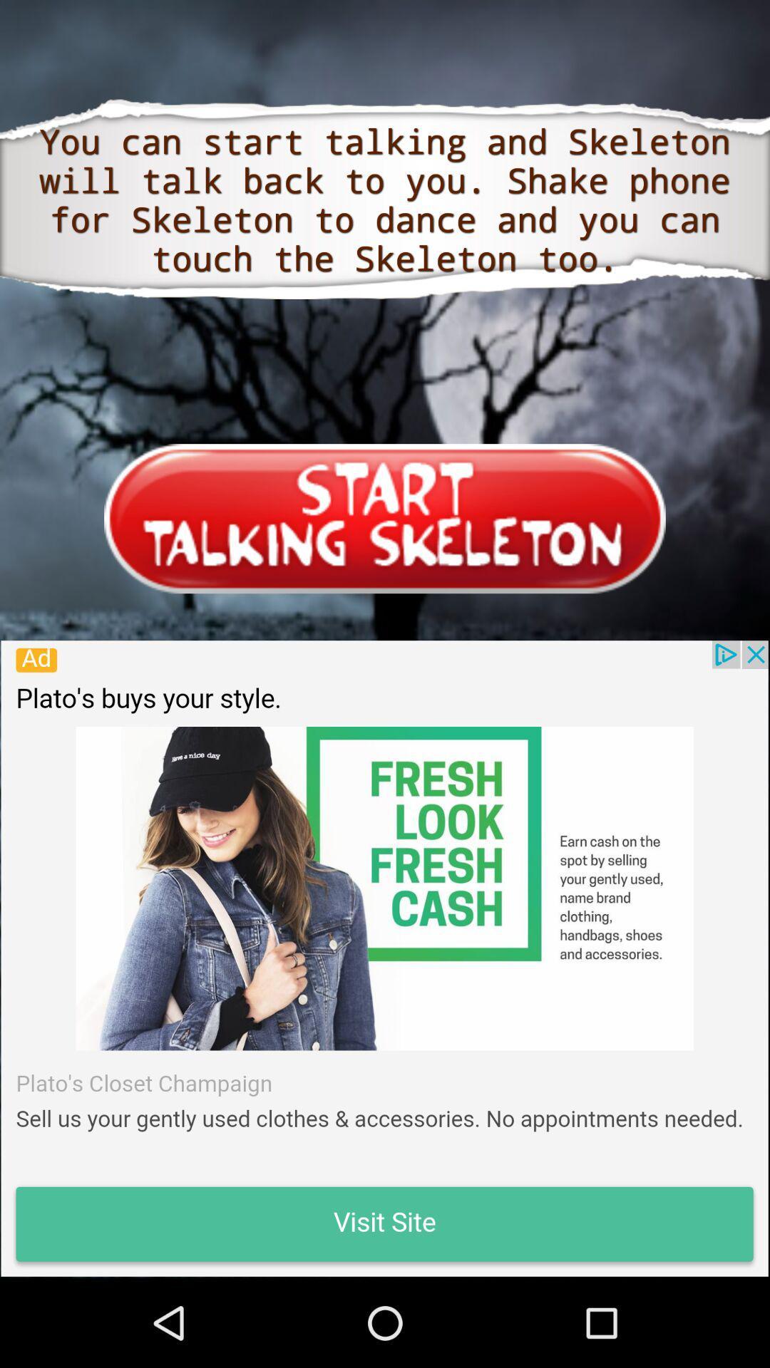 The height and width of the screenshot is (1368, 770). Describe the element at coordinates (384, 958) in the screenshot. I see `talk back app` at that location.